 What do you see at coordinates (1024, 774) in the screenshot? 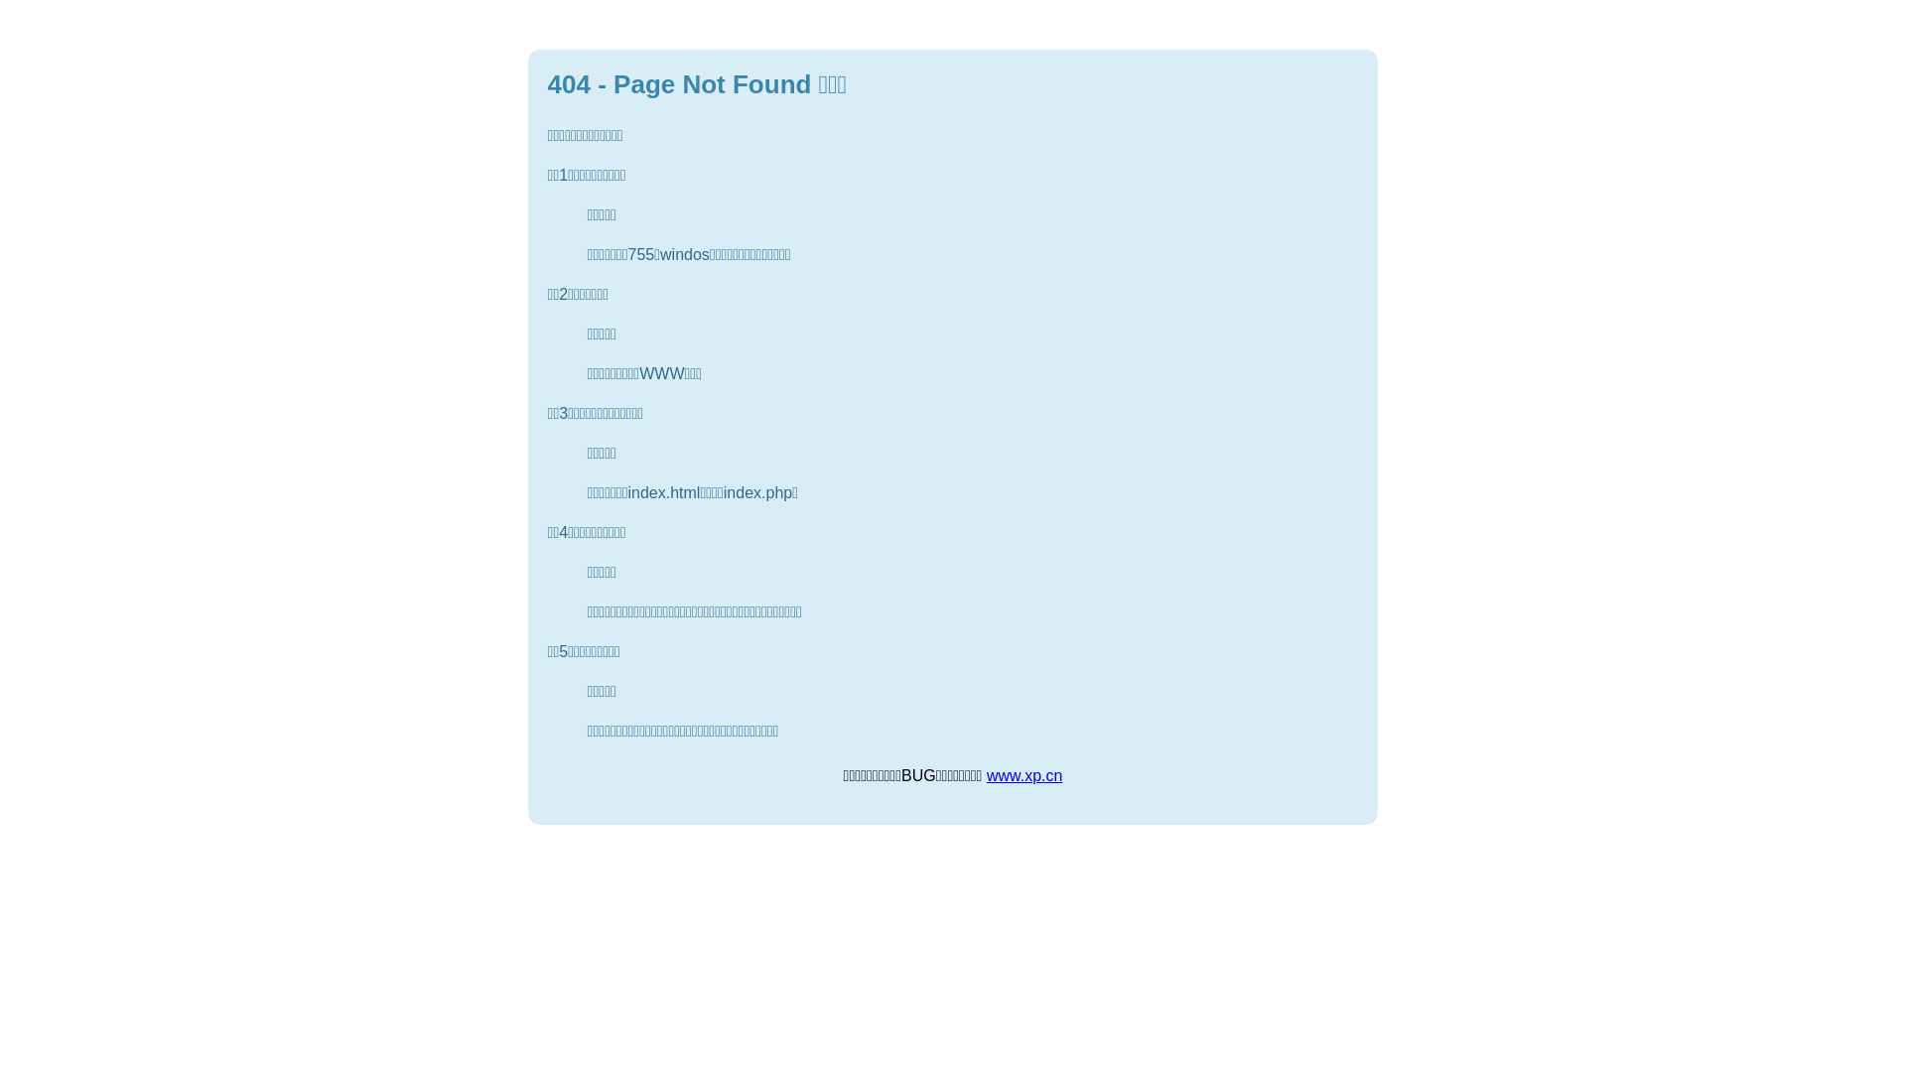
I see `'www.xp.cn'` at bounding box center [1024, 774].